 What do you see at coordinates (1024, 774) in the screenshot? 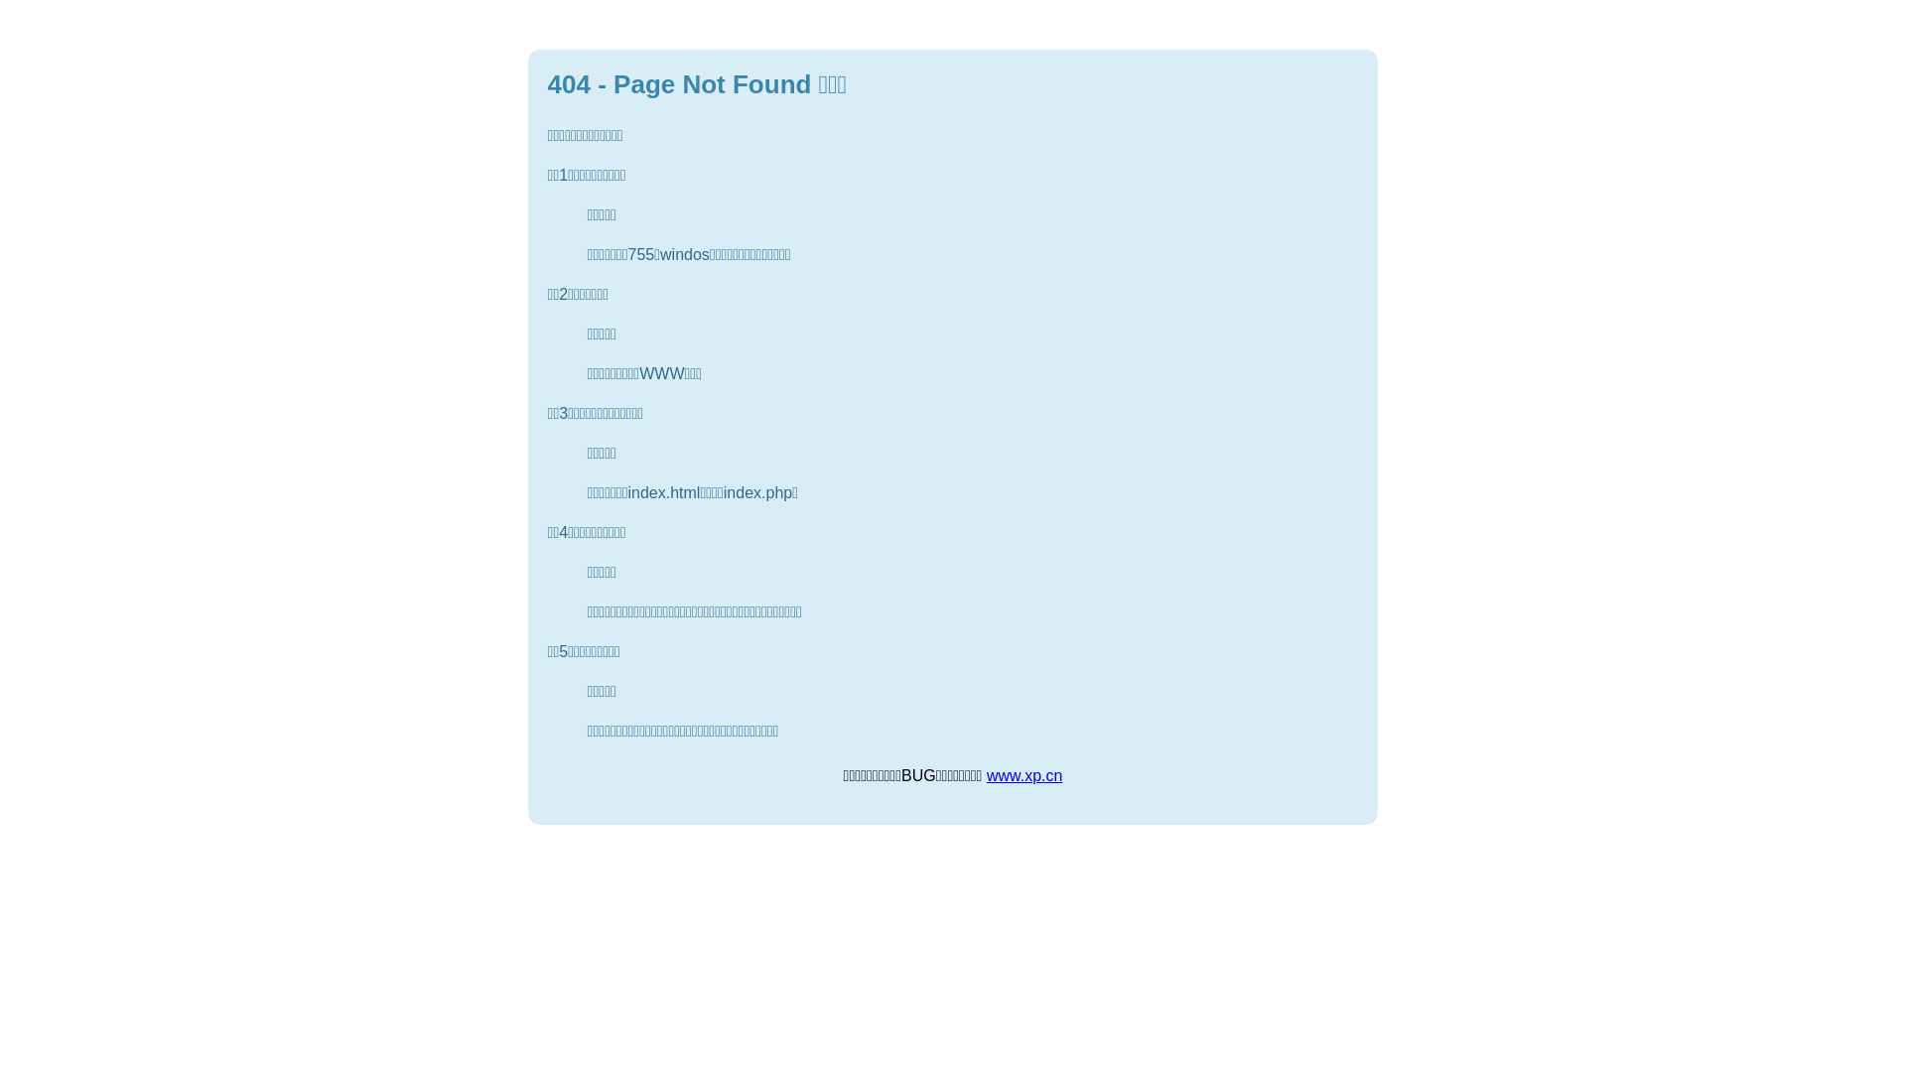
I see `'www.xp.cn'` at bounding box center [1024, 774].